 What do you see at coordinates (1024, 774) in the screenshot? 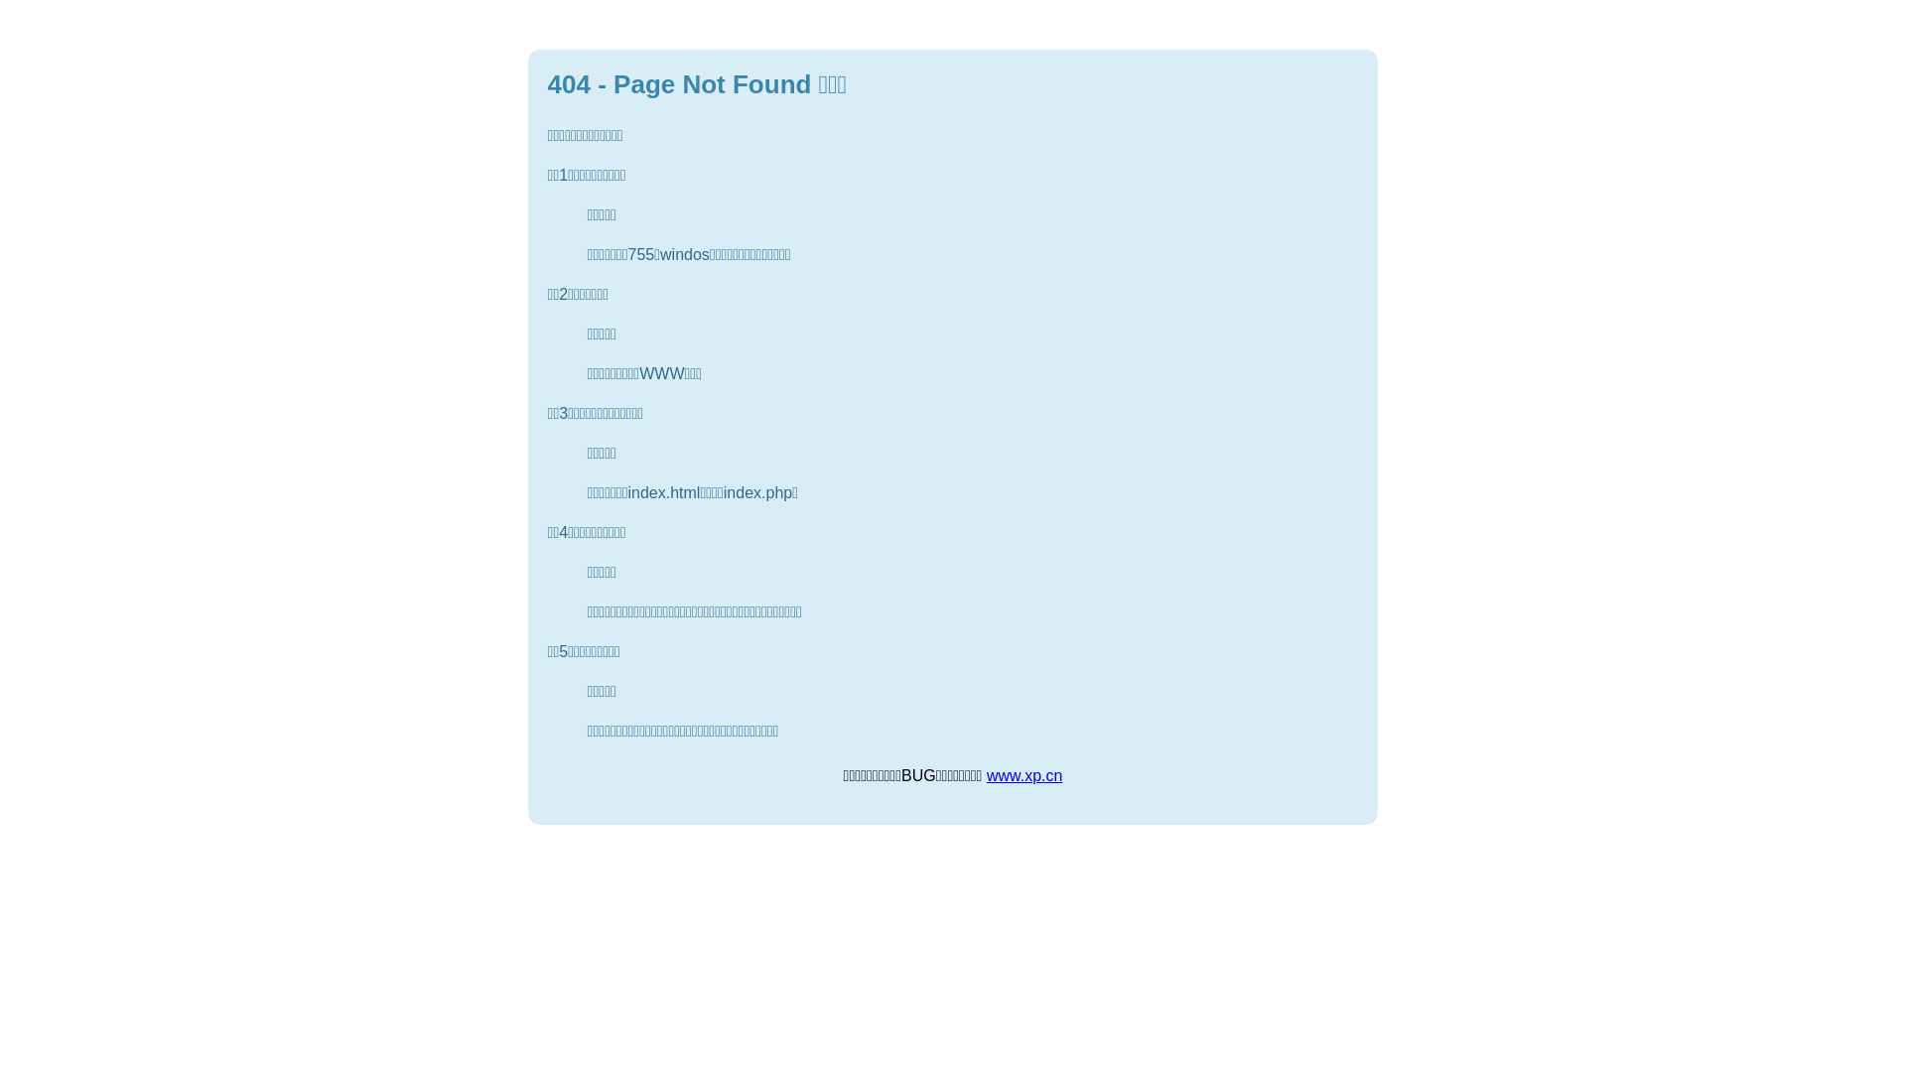
I see `'www.xp.cn'` at bounding box center [1024, 774].